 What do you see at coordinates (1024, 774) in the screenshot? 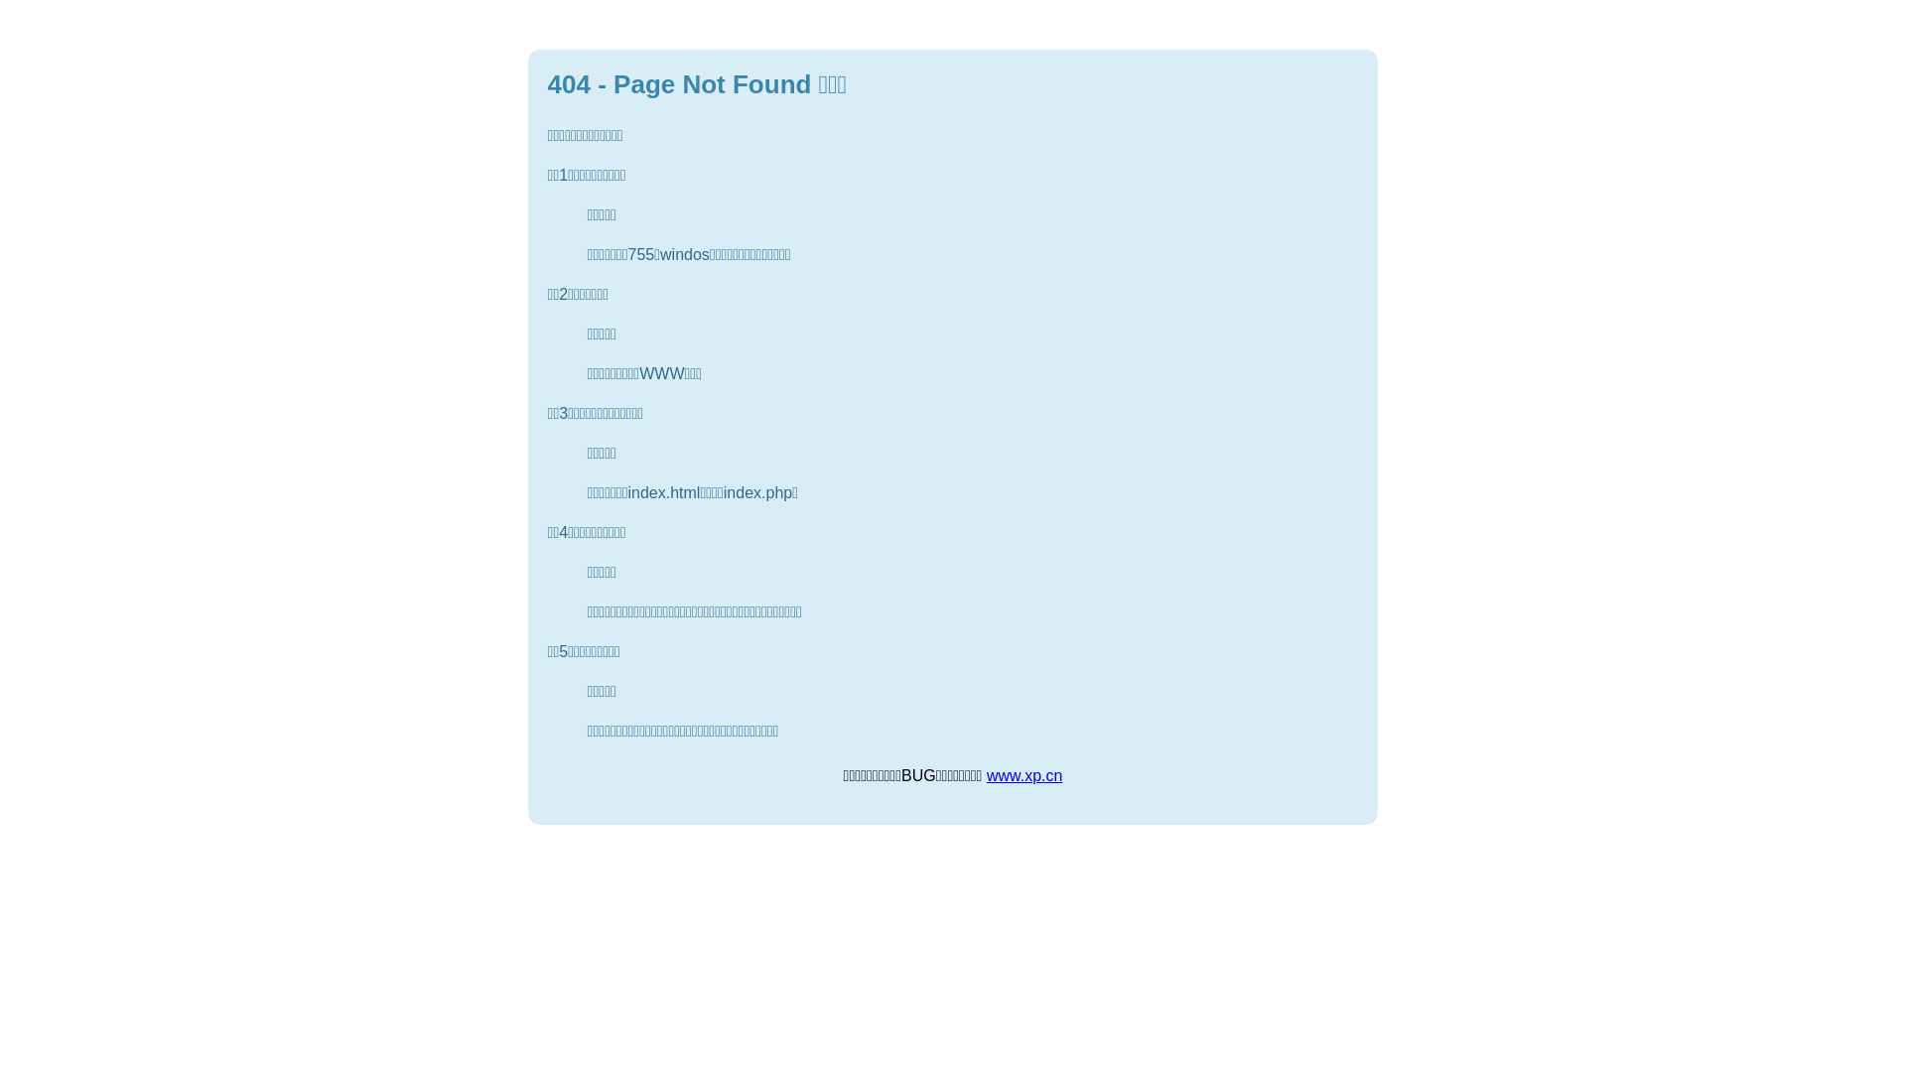
I see `'www.xp.cn'` at bounding box center [1024, 774].